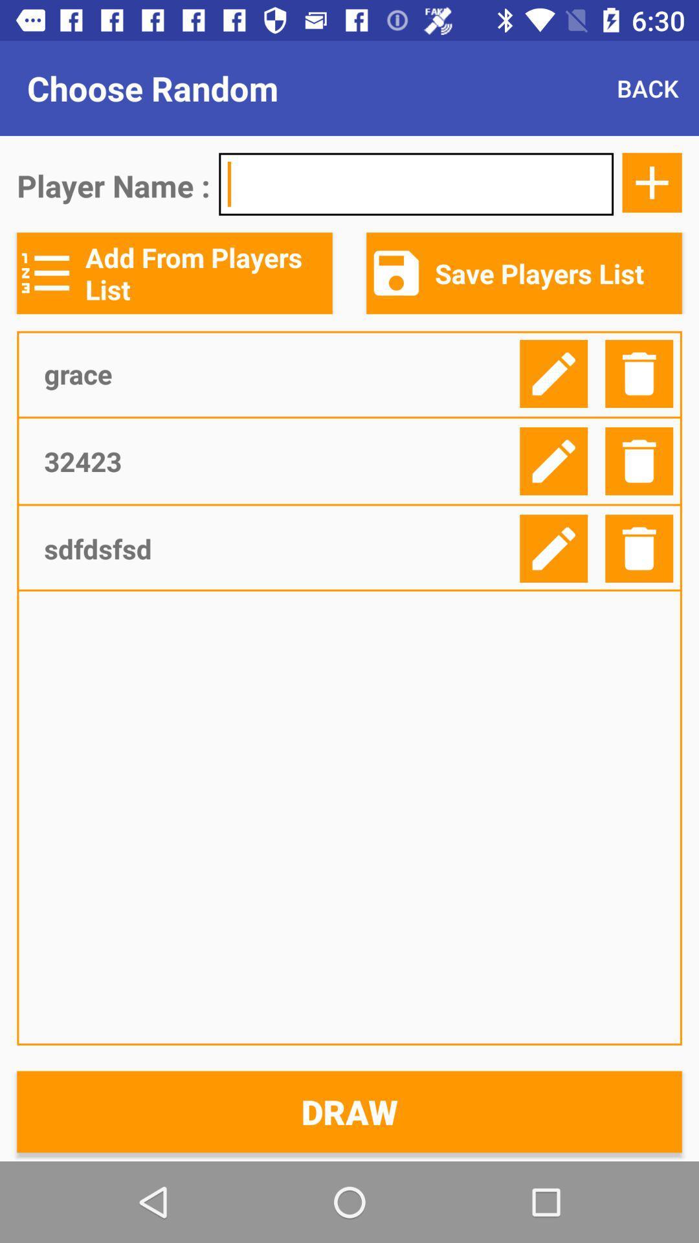 This screenshot has width=699, height=1243. What do you see at coordinates (416, 183) in the screenshot?
I see `the icon above add from players icon` at bounding box center [416, 183].